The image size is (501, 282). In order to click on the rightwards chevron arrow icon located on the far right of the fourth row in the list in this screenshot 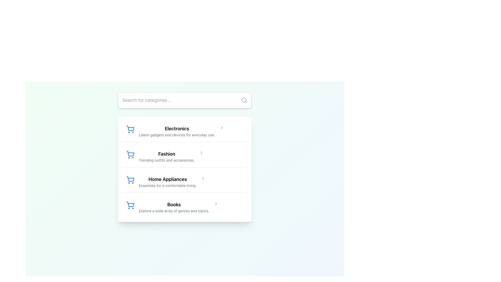, I will do `click(216, 203)`.